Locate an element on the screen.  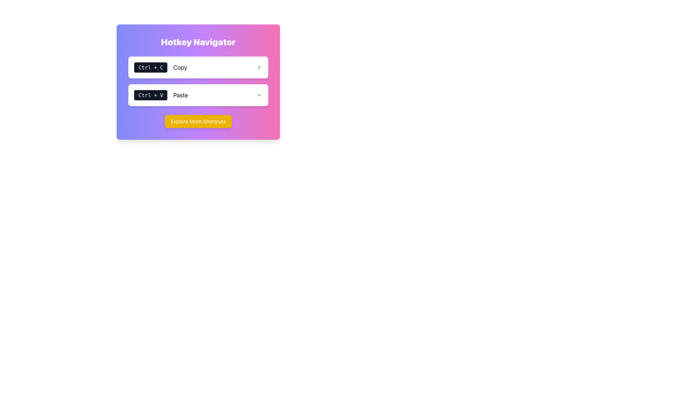
the interactive button located centrally in the lower part of the colorful panel is located at coordinates (198, 121).